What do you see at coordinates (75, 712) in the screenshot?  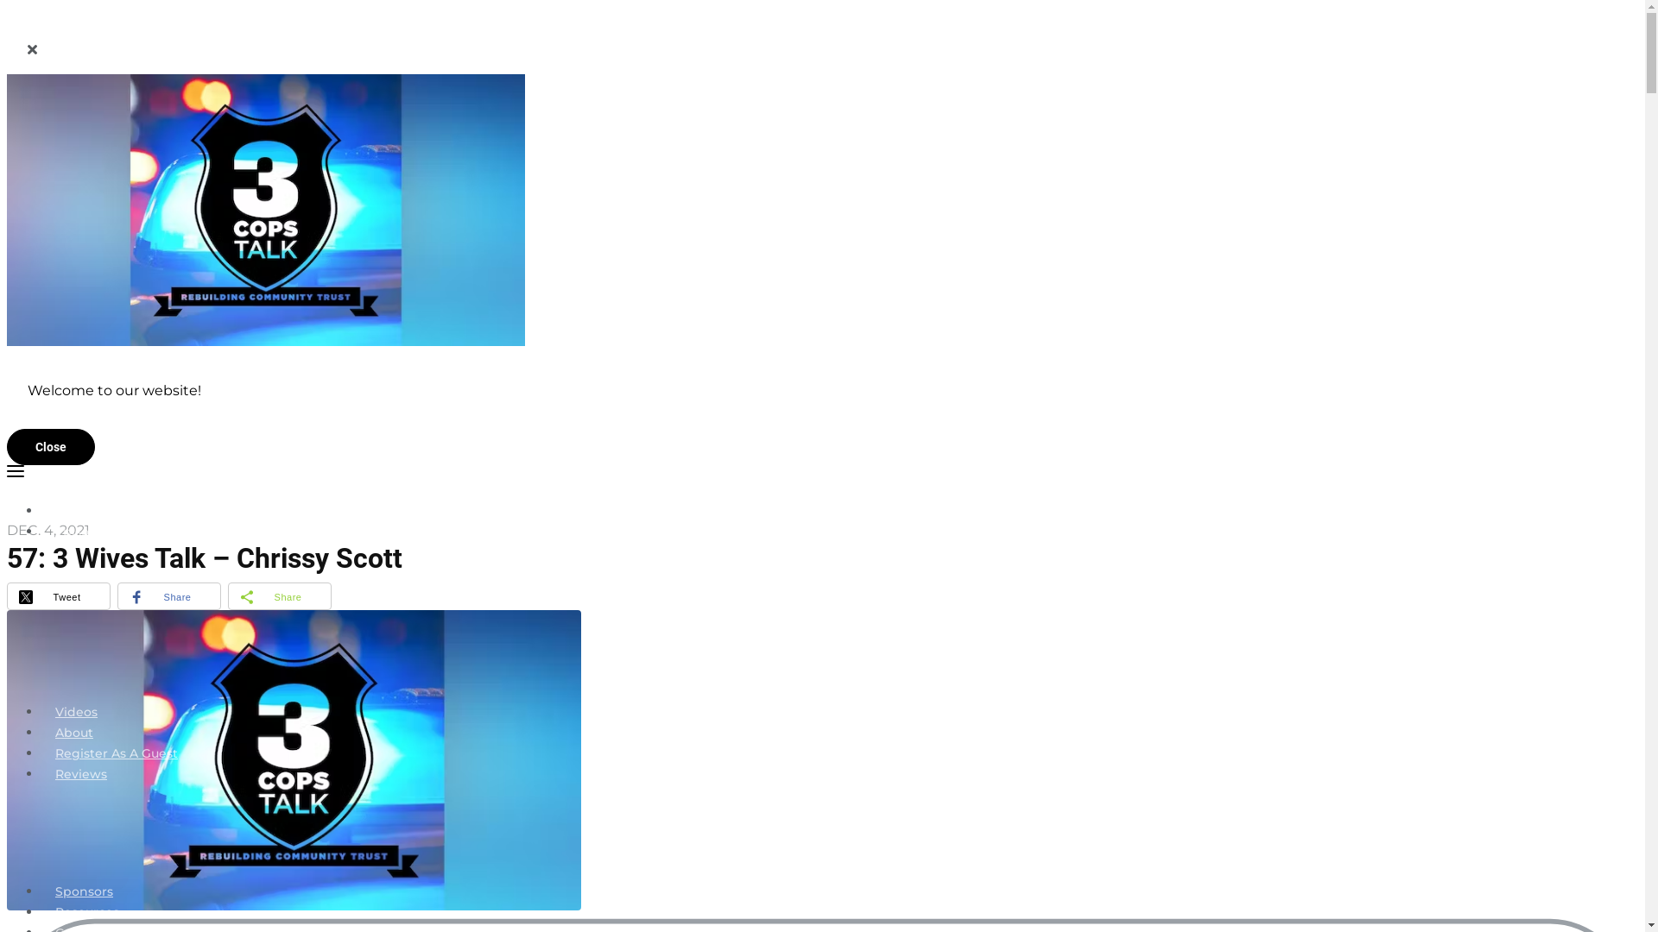 I see `'Videos'` at bounding box center [75, 712].